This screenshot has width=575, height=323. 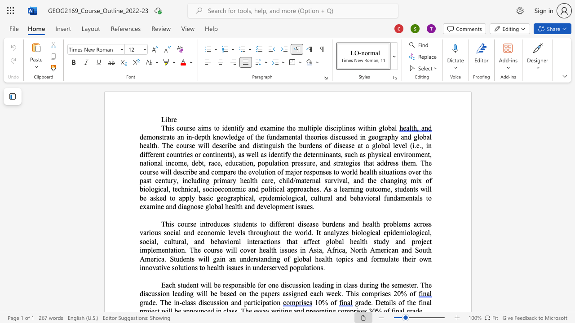 What do you see at coordinates (270, 128) in the screenshot?
I see `the space between the continuous character "a" and "m" in the text` at bounding box center [270, 128].